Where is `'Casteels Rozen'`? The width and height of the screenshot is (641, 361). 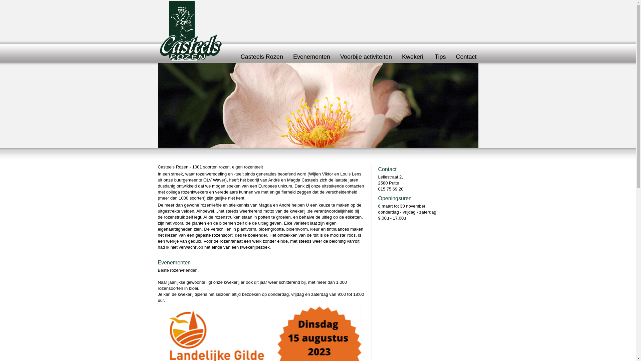 'Casteels Rozen' is located at coordinates (261, 56).